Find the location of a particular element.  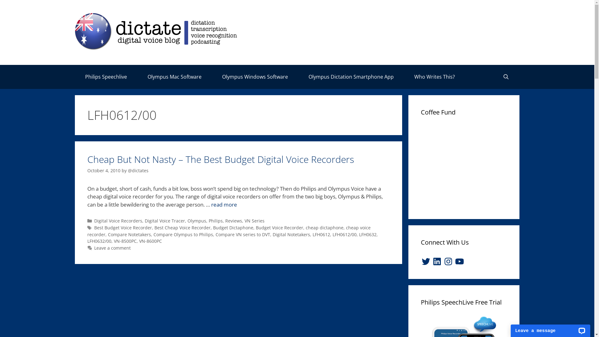

'Digital Voice Recorders' is located at coordinates (118, 220).